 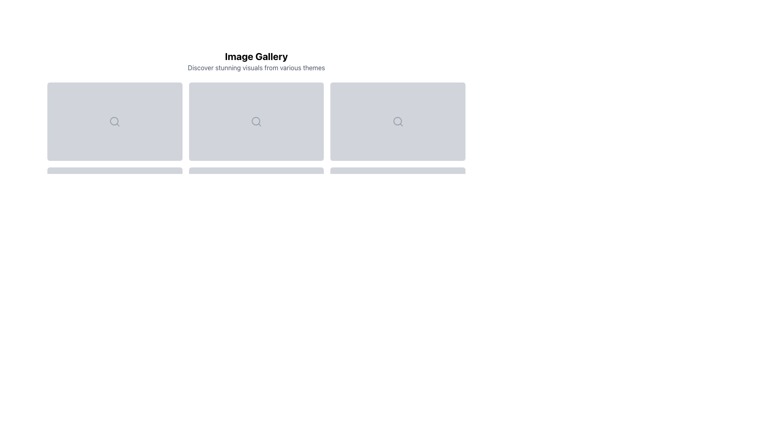 What do you see at coordinates (397, 121) in the screenshot?
I see `the light gray circular SVG element representing a lens-like feature, located inside the second interactive card in a row of similar cards` at bounding box center [397, 121].